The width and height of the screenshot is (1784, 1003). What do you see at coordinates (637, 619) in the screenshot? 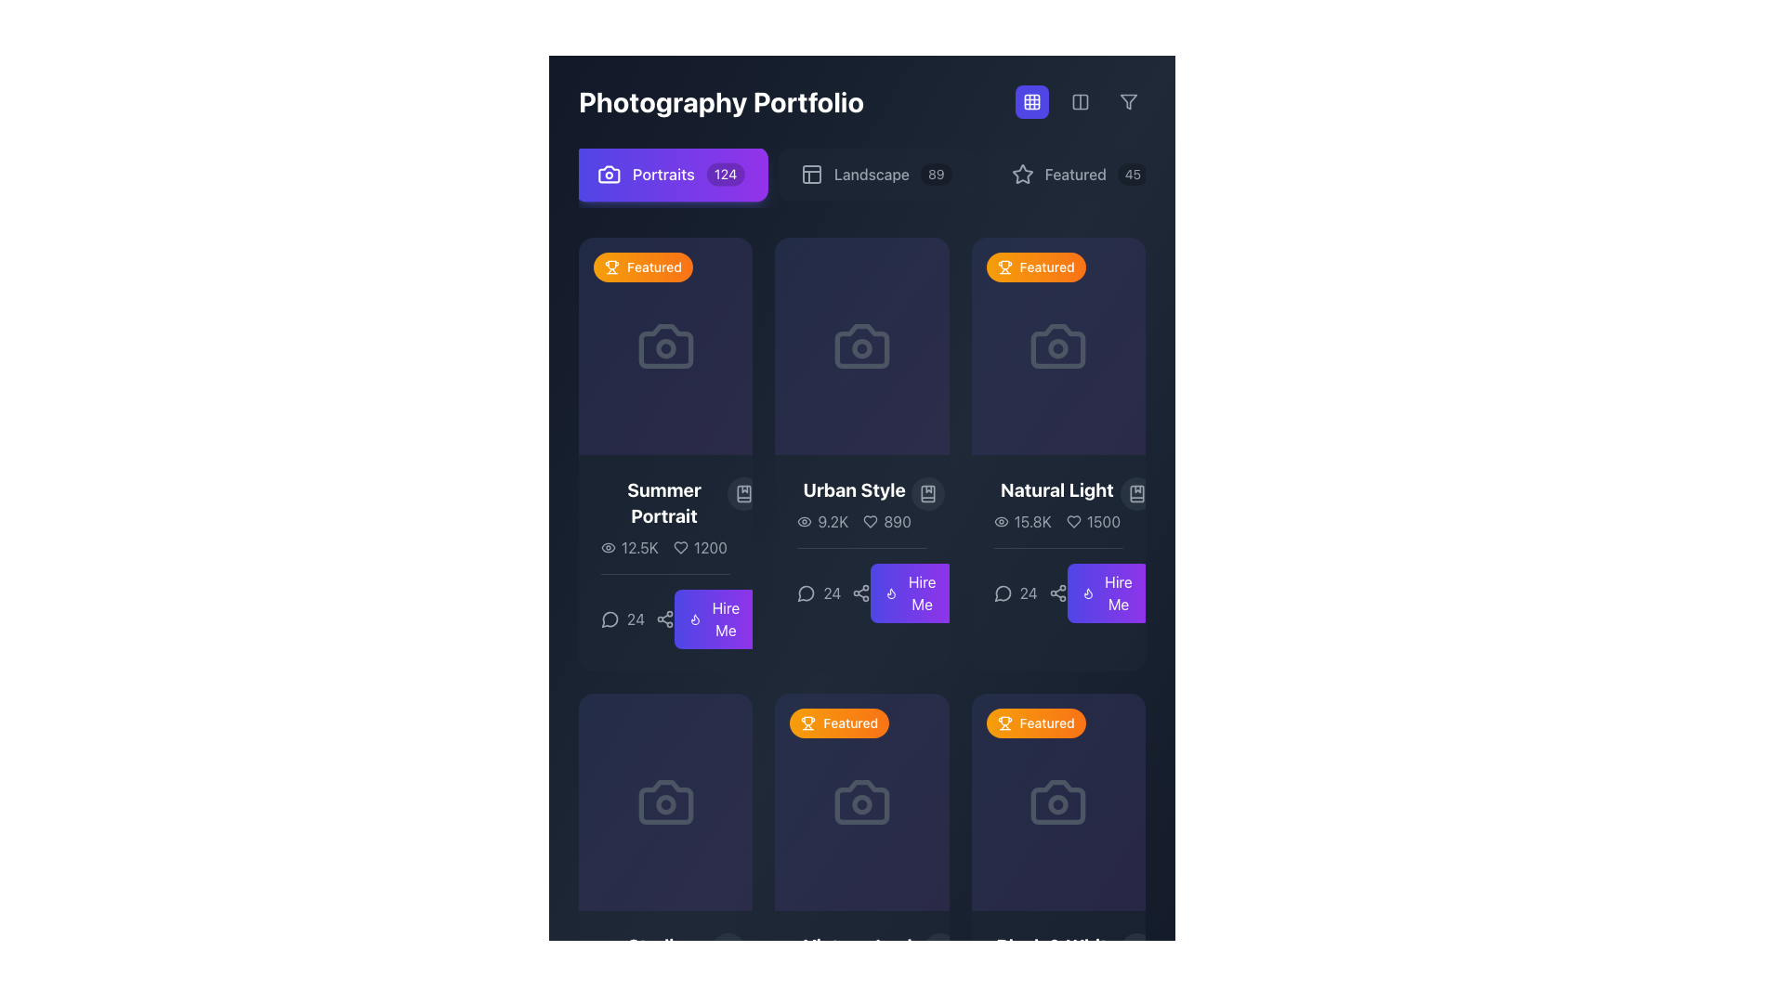
I see `the numeric counter text label located below the 'Summer Portrait' section` at bounding box center [637, 619].